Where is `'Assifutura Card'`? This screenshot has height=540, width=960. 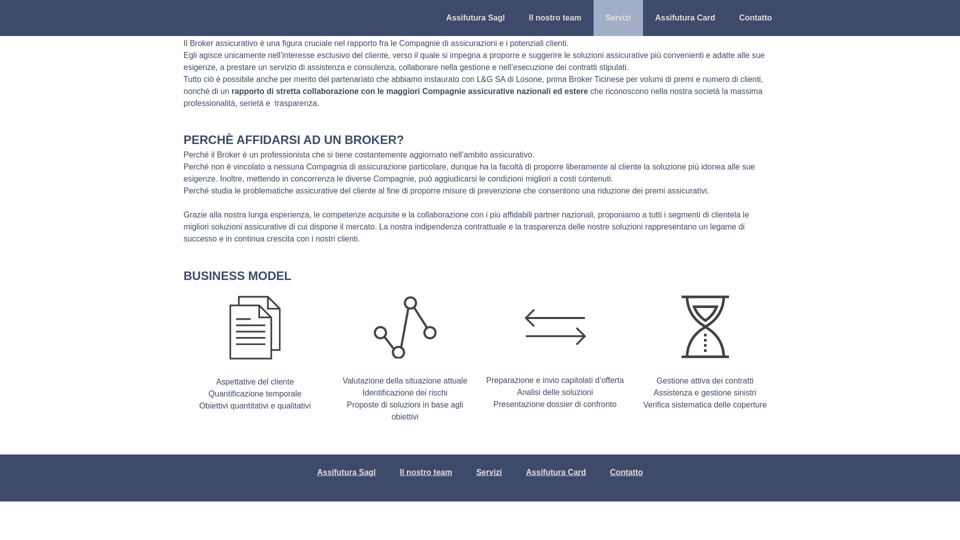 'Assifutura Card' is located at coordinates (518, 472).